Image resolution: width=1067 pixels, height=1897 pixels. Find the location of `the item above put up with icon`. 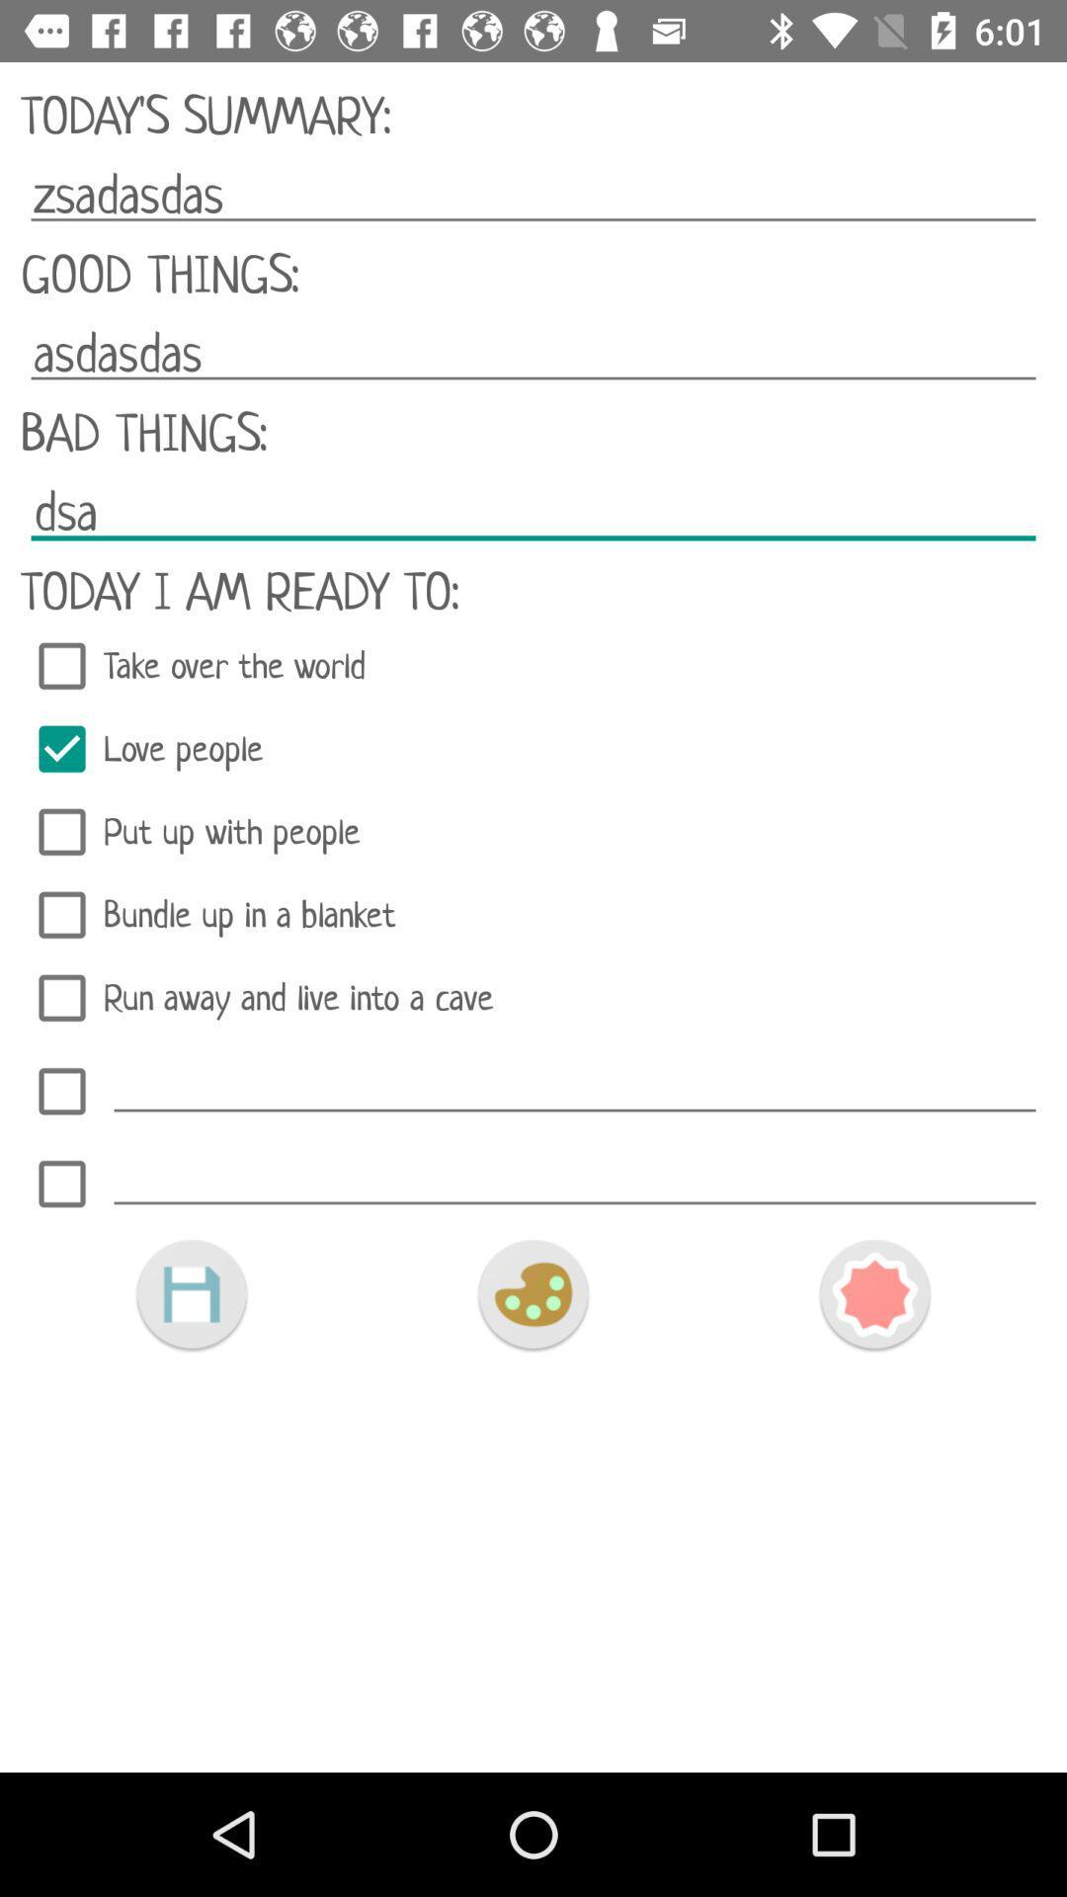

the item above put up with icon is located at coordinates (533, 748).